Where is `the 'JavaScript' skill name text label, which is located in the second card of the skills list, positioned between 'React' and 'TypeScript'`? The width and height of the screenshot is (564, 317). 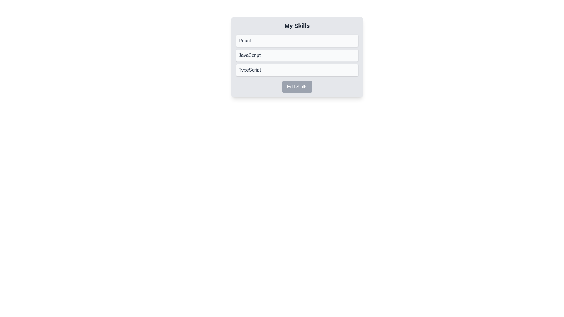 the 'JavaScript' skill name text label, which is located in the second card of the skills list, positioned between 'React' and 'TypeScript' is located at coordinates (249, 55).